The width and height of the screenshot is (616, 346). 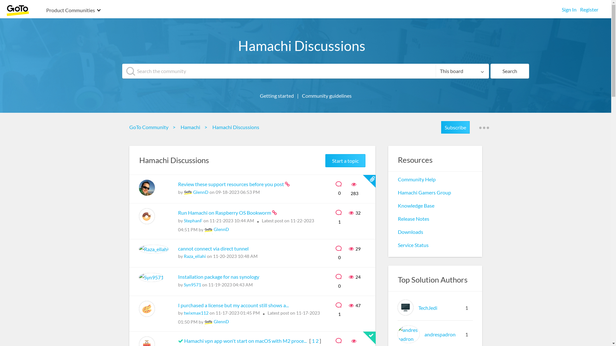 What do you see at coordinates (345, 160) in the screenshot?
I see `'Start a topic'` at bounding box center [345, 160].